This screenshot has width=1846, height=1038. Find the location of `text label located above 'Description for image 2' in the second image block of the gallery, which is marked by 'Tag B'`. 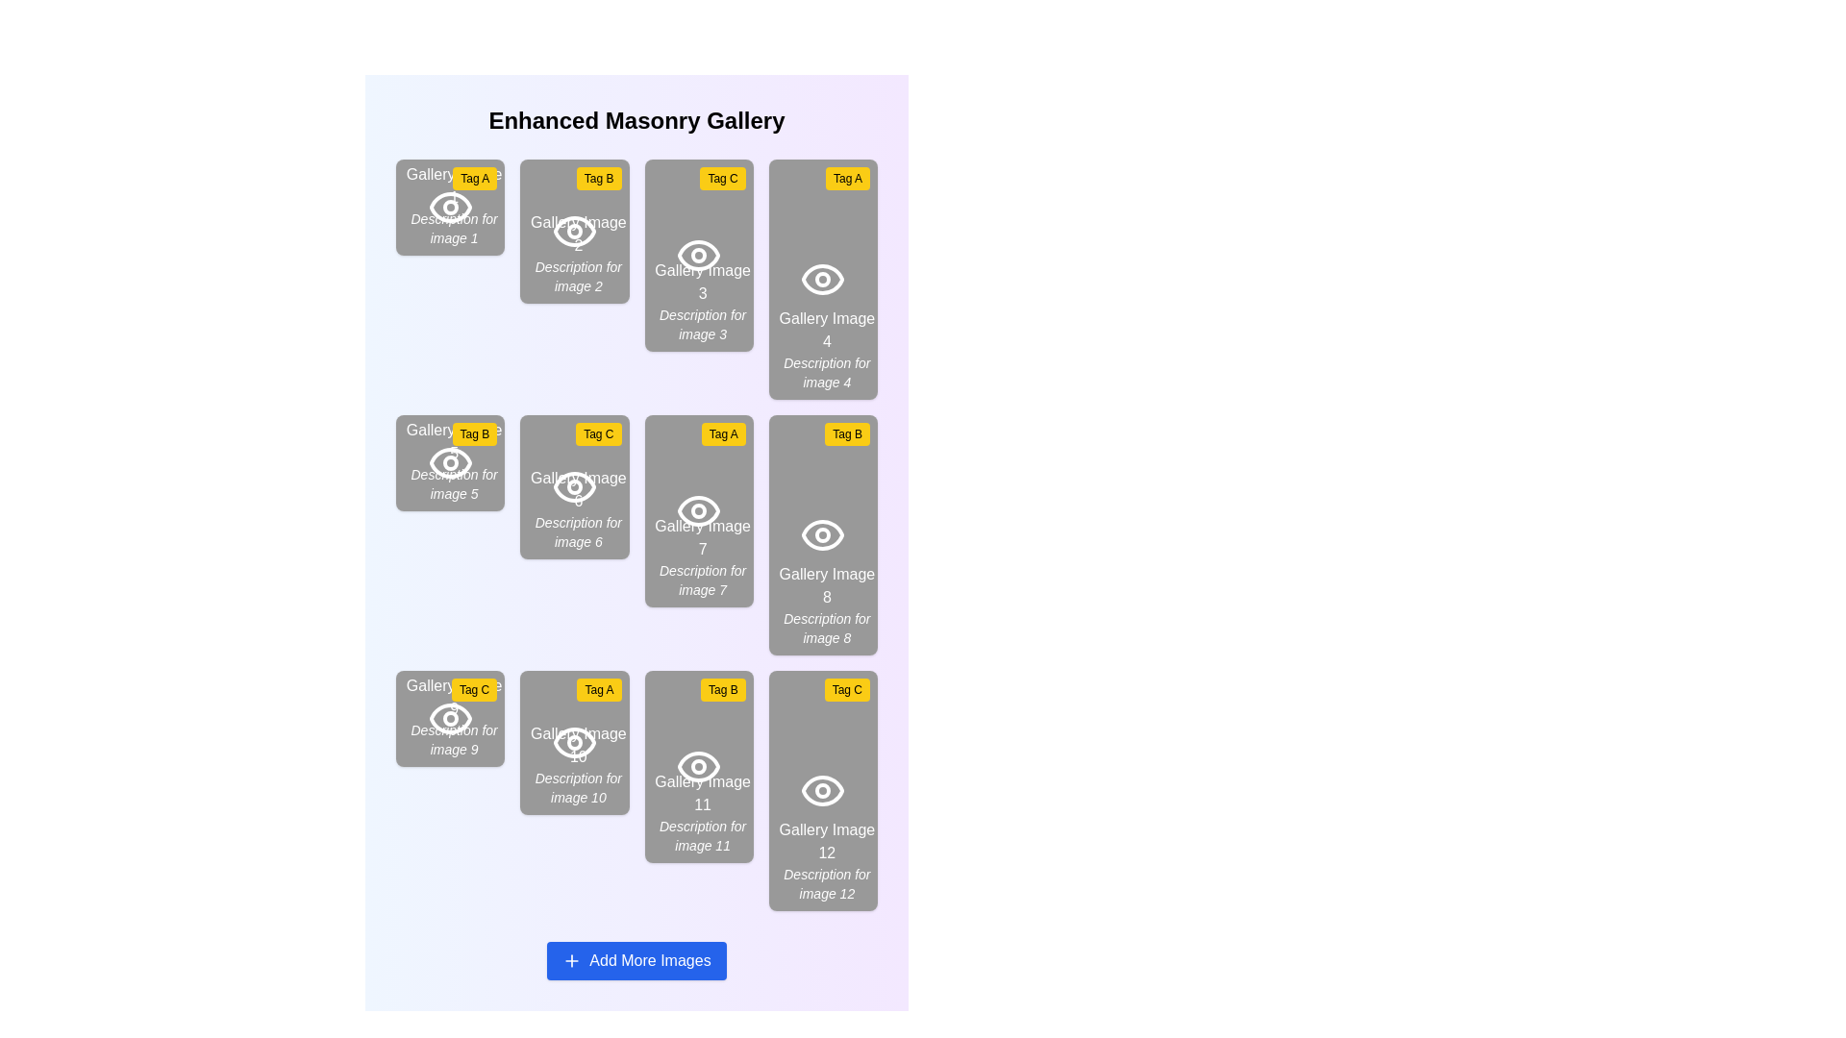

text label located above 'Description for image 2' in the second image block of the gallery, which is marked by 'Tag B' is located at coordinates (577, 233).